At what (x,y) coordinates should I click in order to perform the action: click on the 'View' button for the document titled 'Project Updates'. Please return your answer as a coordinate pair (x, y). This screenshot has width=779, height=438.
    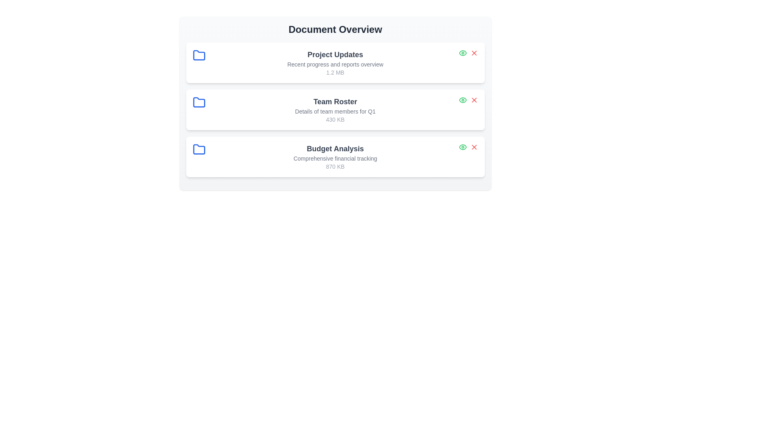
    Looking at the image, I should click on (463, 53).